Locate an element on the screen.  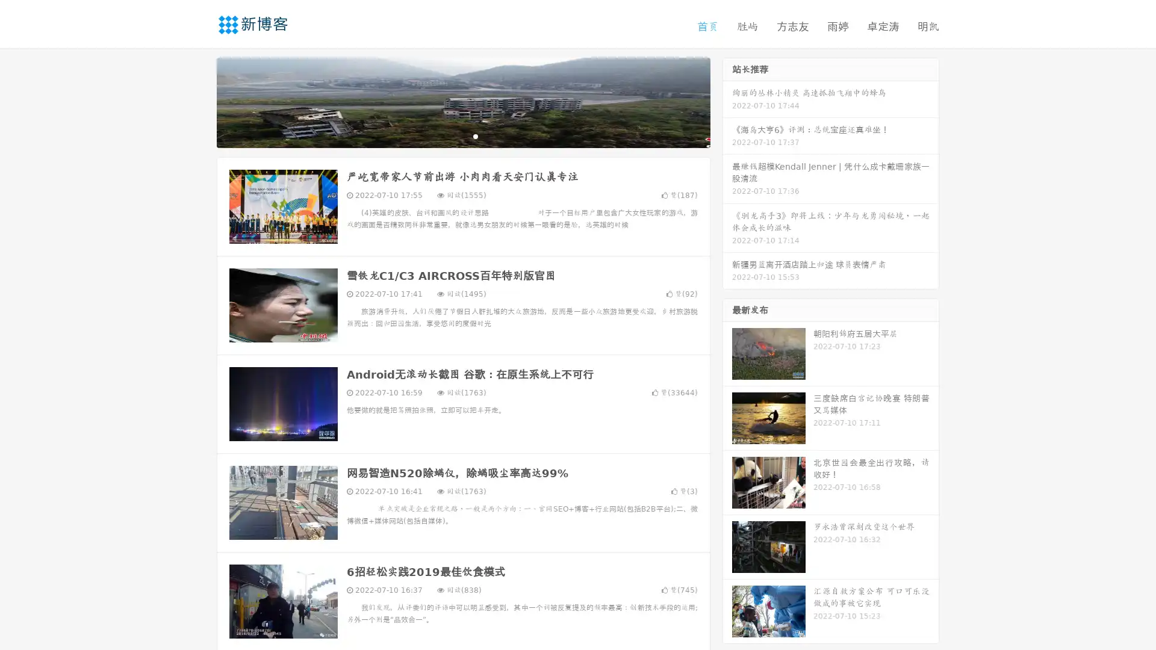
Previous slide is located at coordinates (199, 101).